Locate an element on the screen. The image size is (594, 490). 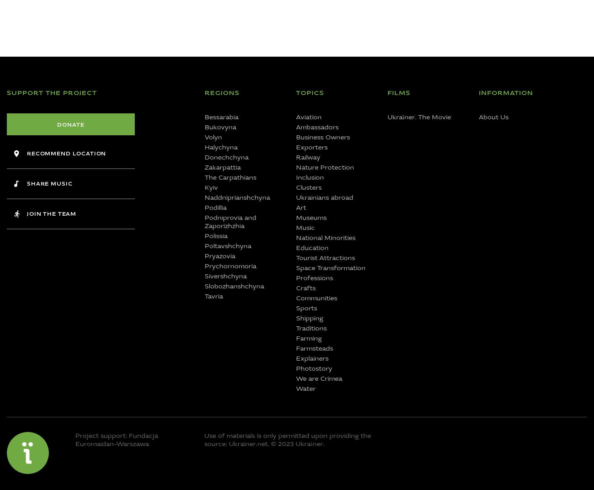
'Project support: Fundacja Euromaidan-Warszawa' is located at coordinates (116, 439).